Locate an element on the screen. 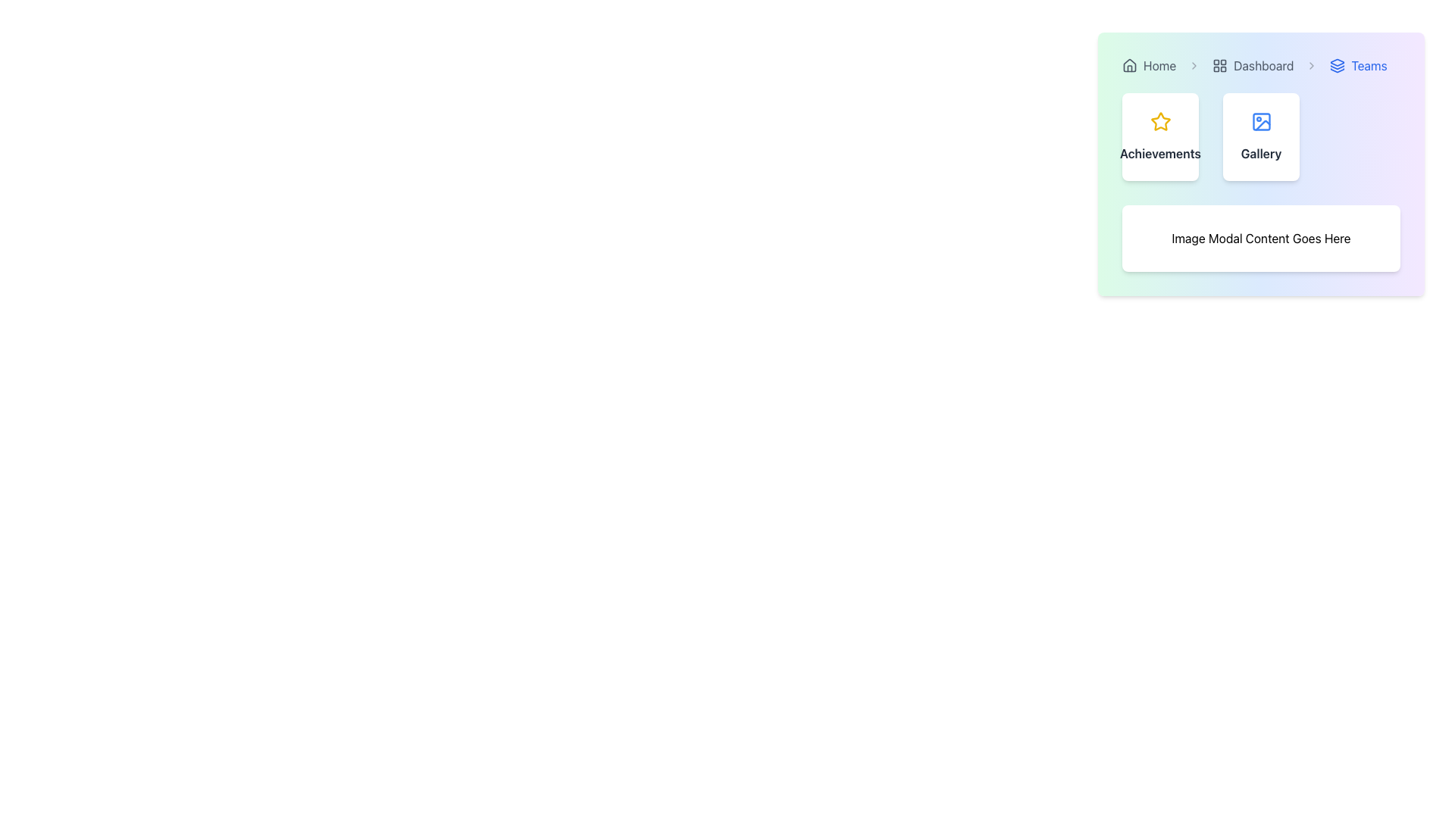 This screenshot has width=1455, height=818. the achievements icon located on the left side of the top-right section of the interface within the 'Achievements' card, which serves as the primary visual for the card is located at coordinates (1159, 120).